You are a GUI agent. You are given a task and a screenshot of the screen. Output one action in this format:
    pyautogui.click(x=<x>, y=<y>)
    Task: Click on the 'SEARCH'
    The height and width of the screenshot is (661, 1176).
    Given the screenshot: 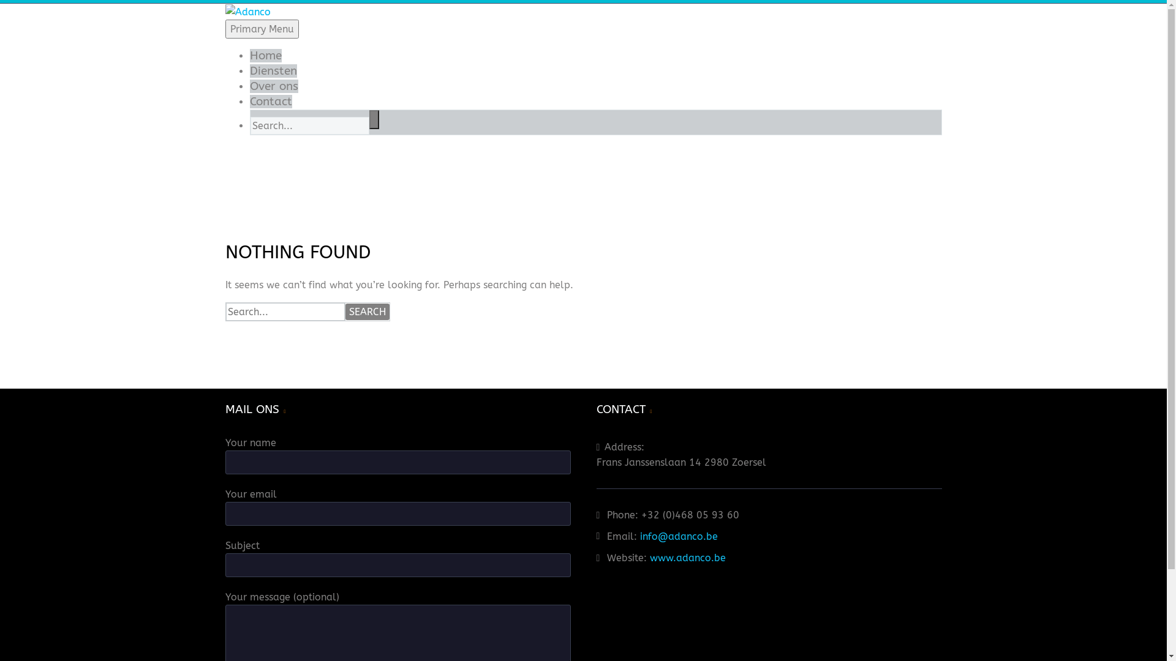 What is the action you would take?
    pyautogui.click(x=367, y=311)
    